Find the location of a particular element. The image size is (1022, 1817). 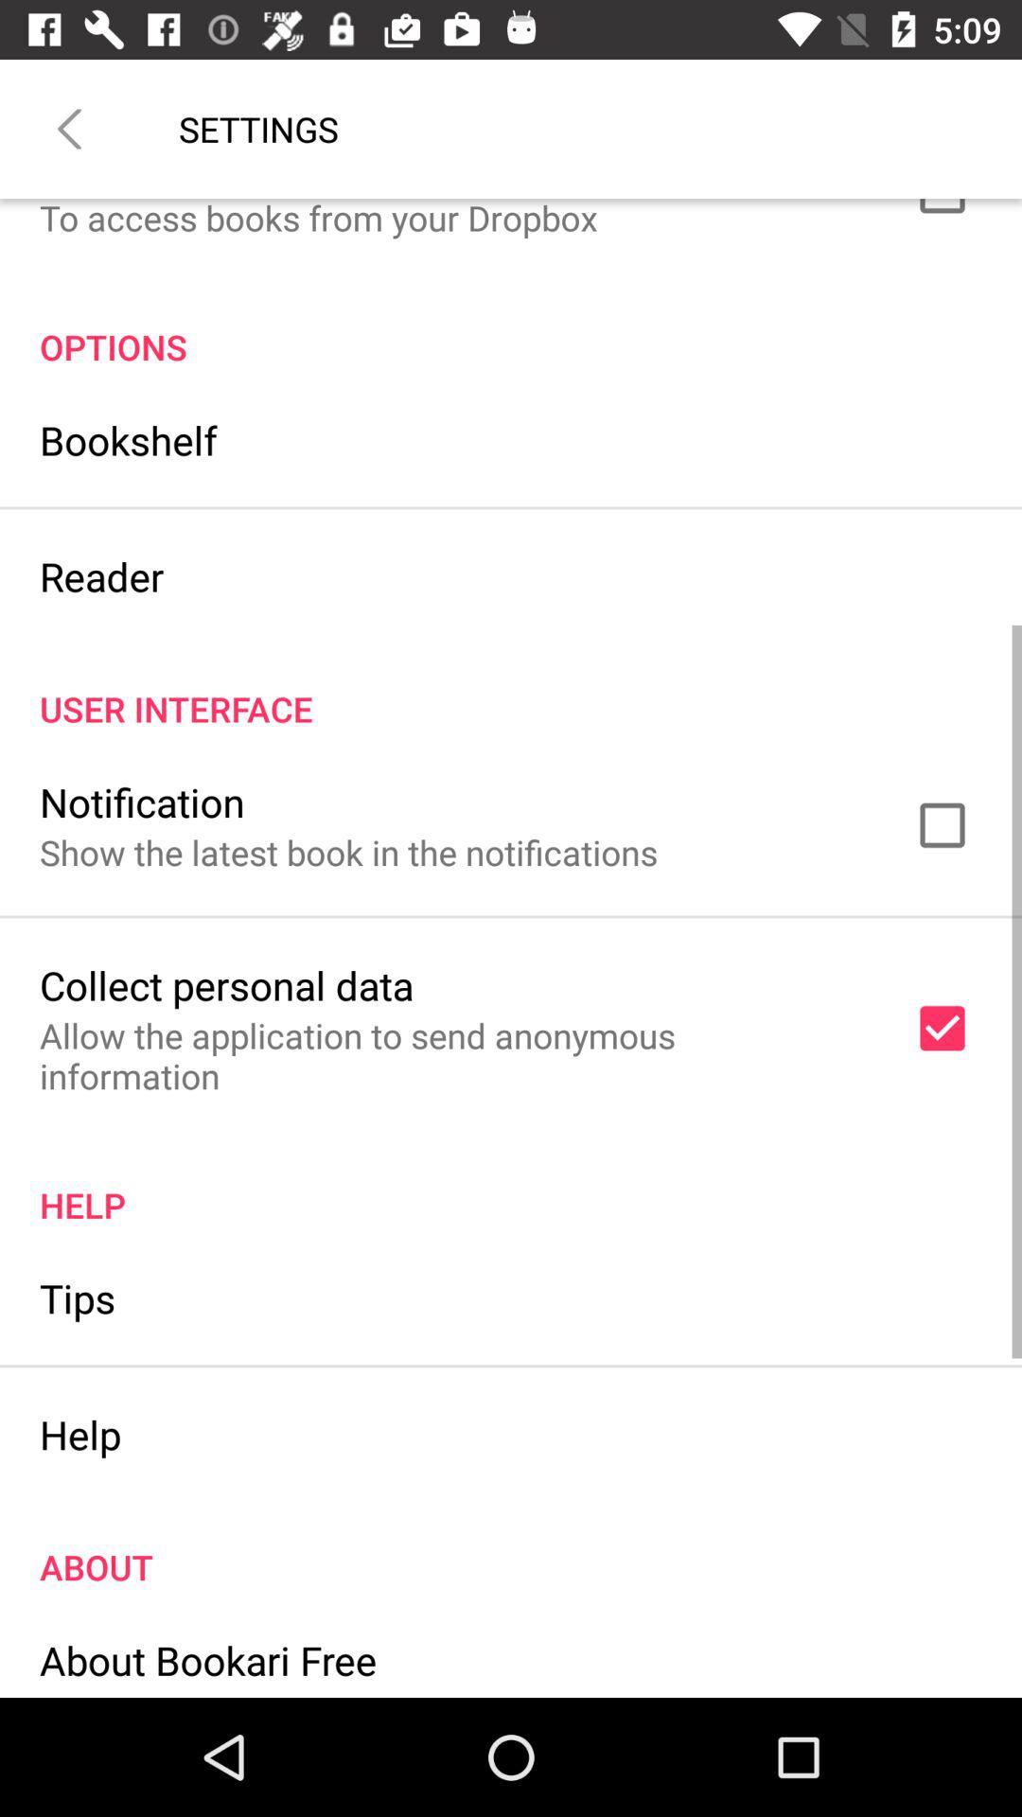

item next to settings is located at coordinates (68, 128).